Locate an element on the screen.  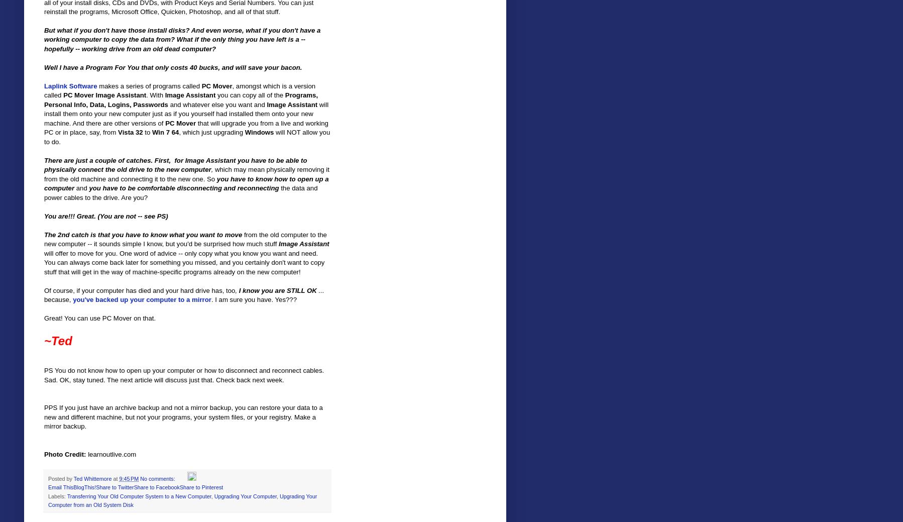
'that will upgrade you from a live and working PC or in place, say, from' is located at coordinates (185, 128).